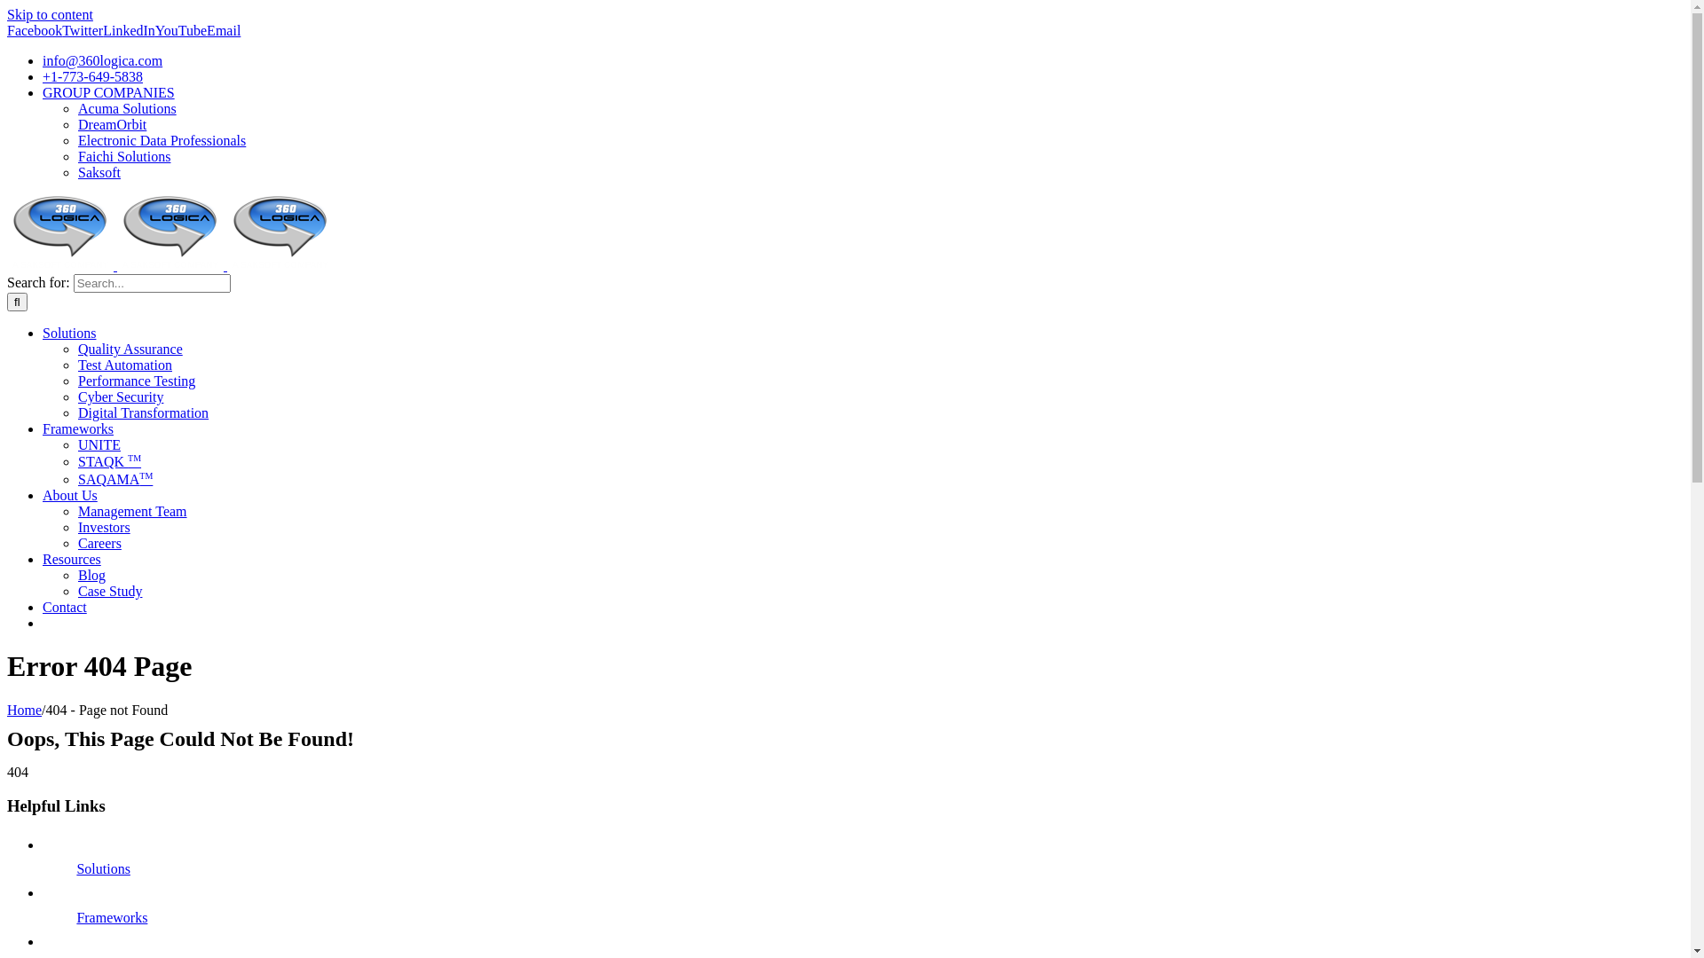 Image resolution: width=1704 pixels, height=958 pixels. I want to click on 'Twitter', so click(81, 30).